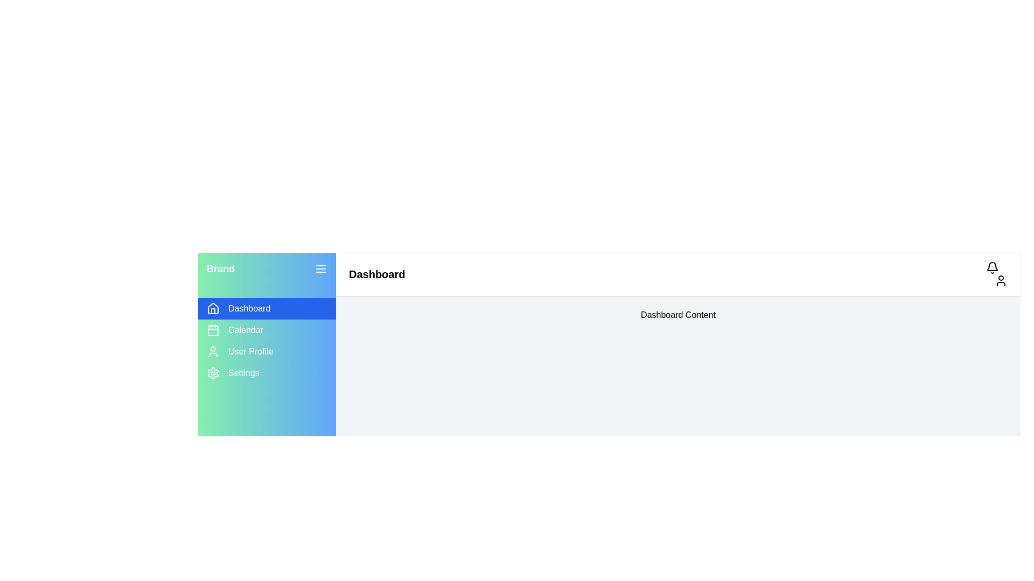  Describe the element at coordinates (213, 373) in the screenshot. I see `the gear-shaped settings icon located in the fourth slot of the left sidebar under the 'User Profile' menu option` at that location.